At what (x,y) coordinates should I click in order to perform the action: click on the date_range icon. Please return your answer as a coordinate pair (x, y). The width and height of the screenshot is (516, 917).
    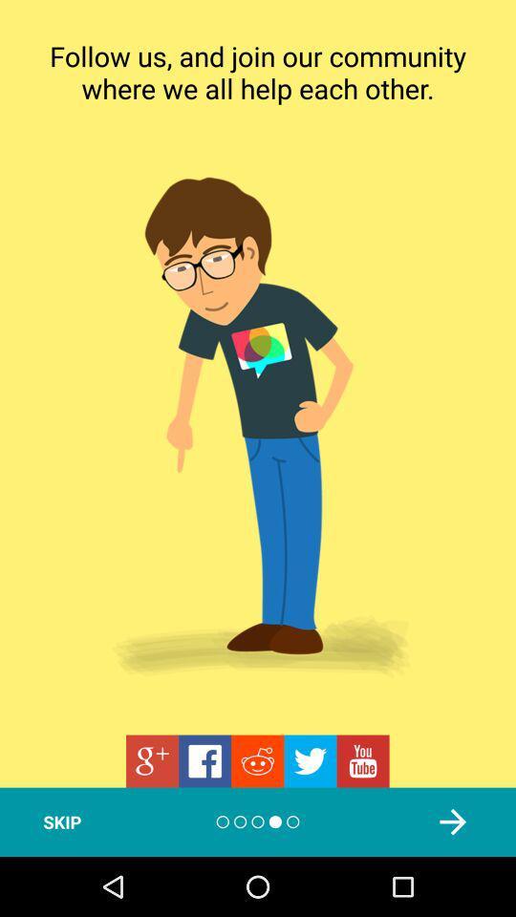
    Looking at the image, I should click on (363, 761).